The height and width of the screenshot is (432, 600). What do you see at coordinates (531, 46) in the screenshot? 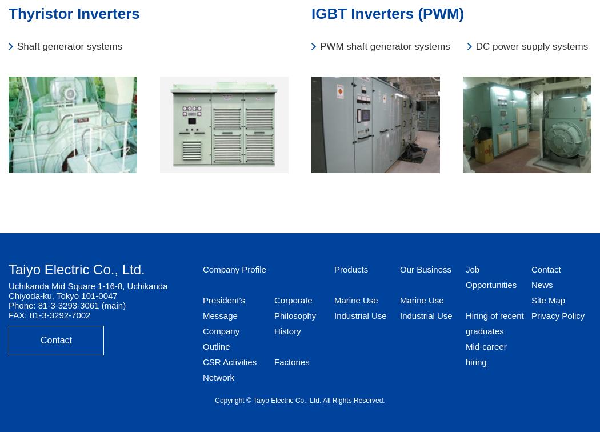
I see `'DC power supply systems'` at bounding box center [531, 46].